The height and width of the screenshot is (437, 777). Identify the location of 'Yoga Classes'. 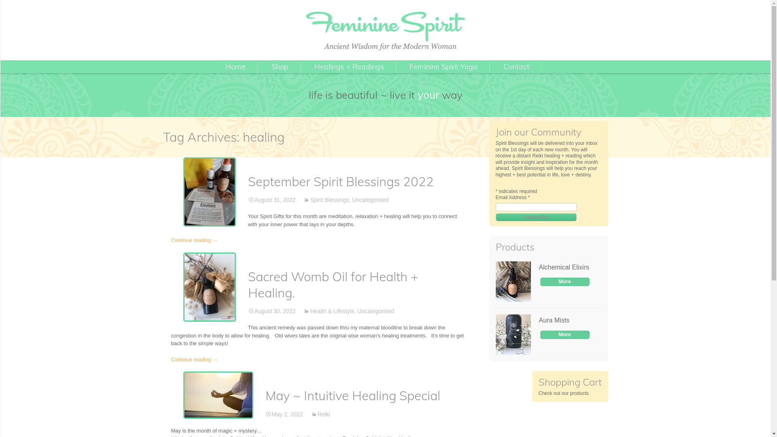
(396, 79).